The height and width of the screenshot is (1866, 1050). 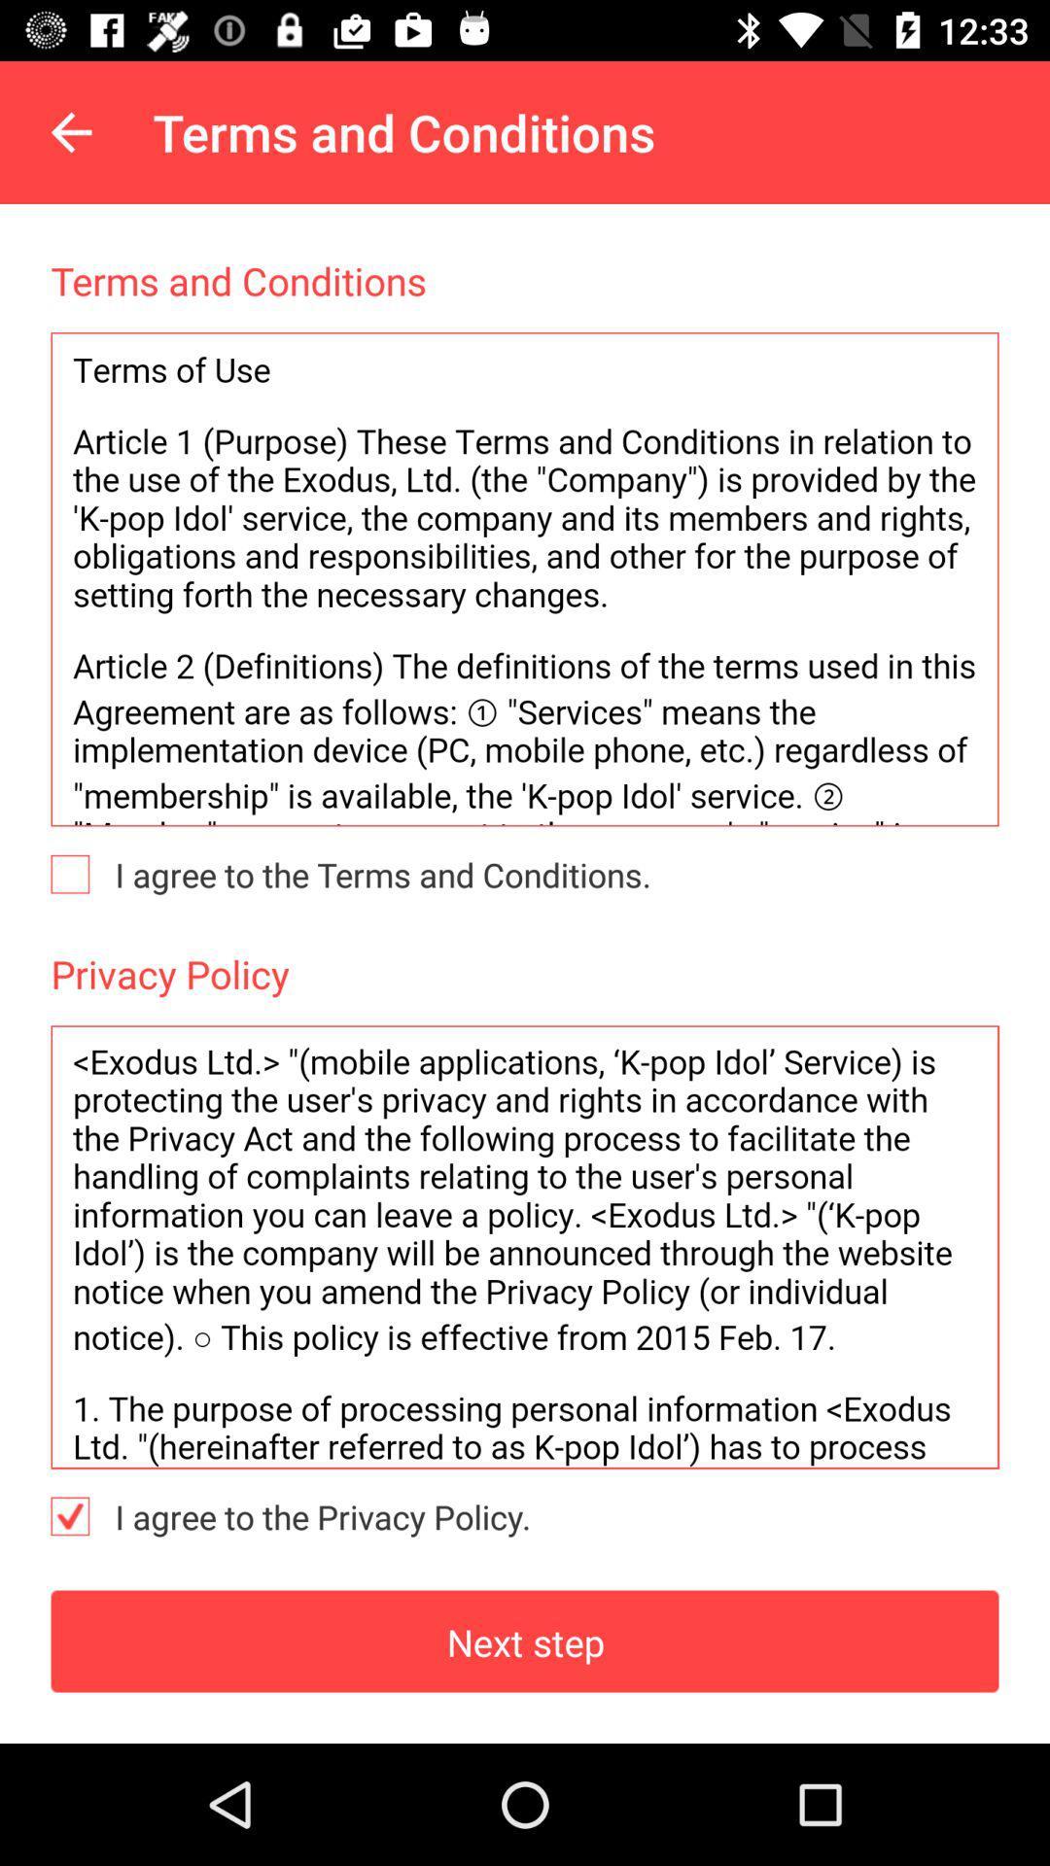 I want to click on advatisment, so click(x=525, y=578).